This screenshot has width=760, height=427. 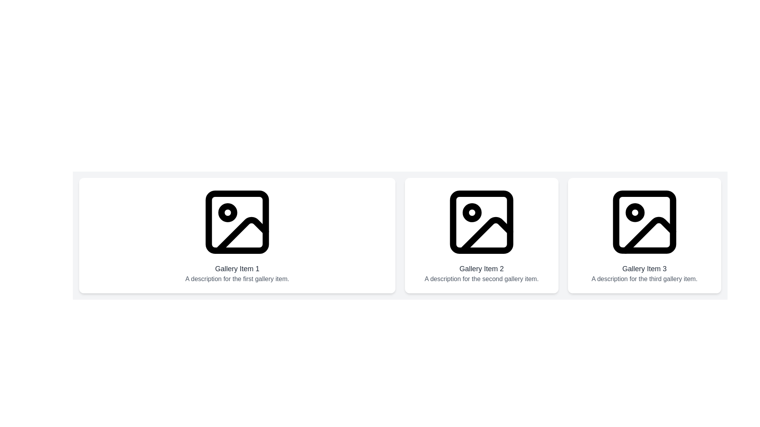 What do you see at coordinates (644, 222) in the screenshot?
I see `the black outline icon of the image placeholder representing 'Gallery Item 3' to potentially select or view details` at bounding box center [644, 222].